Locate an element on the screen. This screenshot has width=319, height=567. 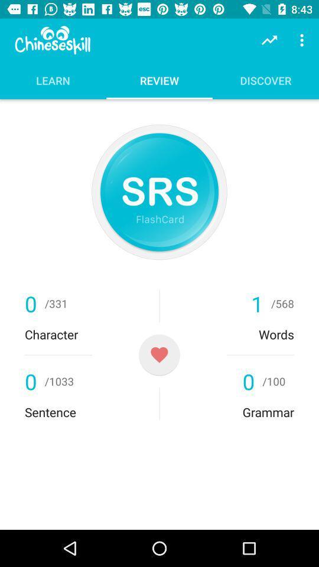
like is located at coordinates (159, 354).